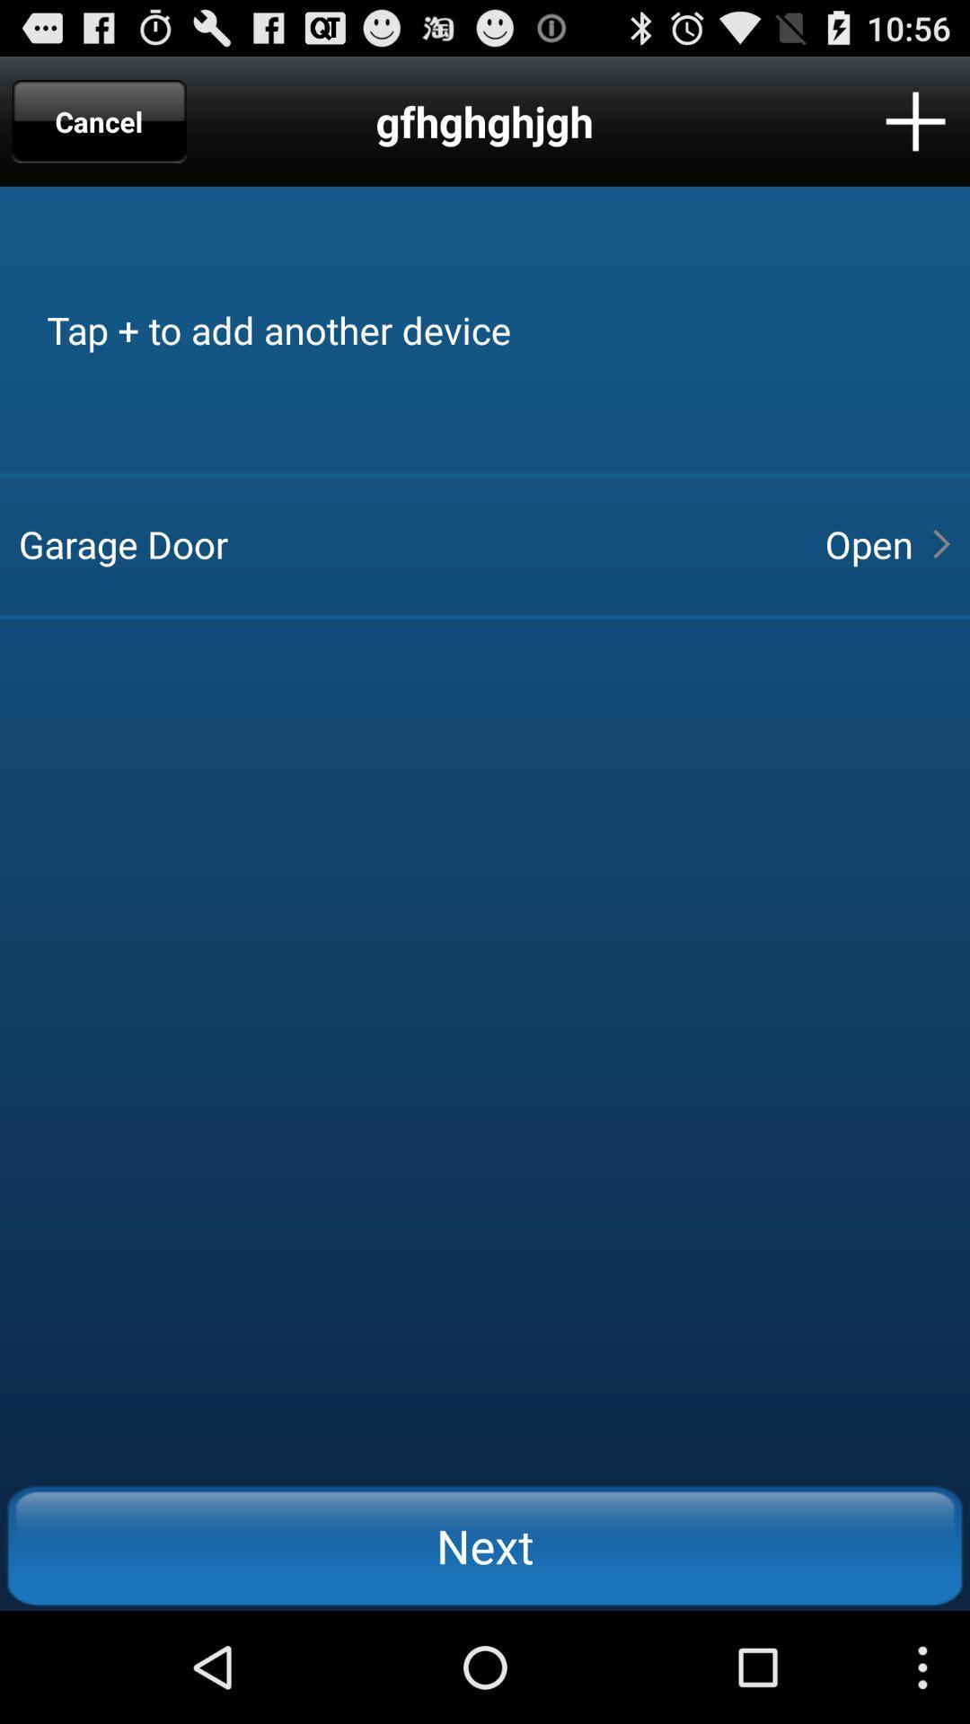 This screenshot has width=970, height=1724. I want to click on icon above the tap to add item, so click(99, 120).